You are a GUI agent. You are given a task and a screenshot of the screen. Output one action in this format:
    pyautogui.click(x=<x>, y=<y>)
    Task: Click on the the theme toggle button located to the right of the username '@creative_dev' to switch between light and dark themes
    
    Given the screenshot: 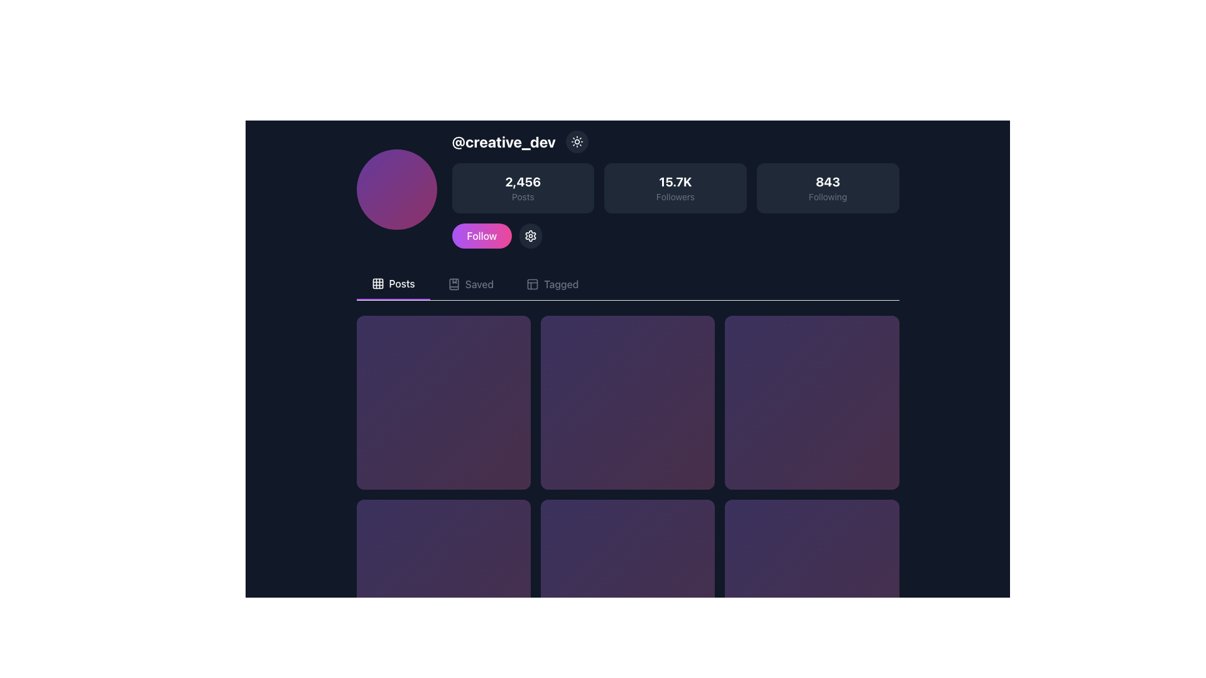 What is the action you would take?
    pyautogui.click(x=576, y=141)
    